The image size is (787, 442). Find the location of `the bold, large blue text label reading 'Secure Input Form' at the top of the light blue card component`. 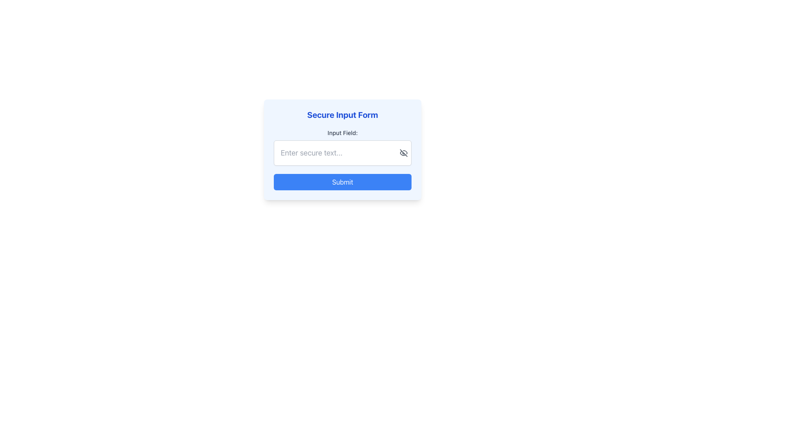

the bold, large blue text label reading 'Secure Input Form' at the top of the light blue card component is located at coordinates (342, 115).